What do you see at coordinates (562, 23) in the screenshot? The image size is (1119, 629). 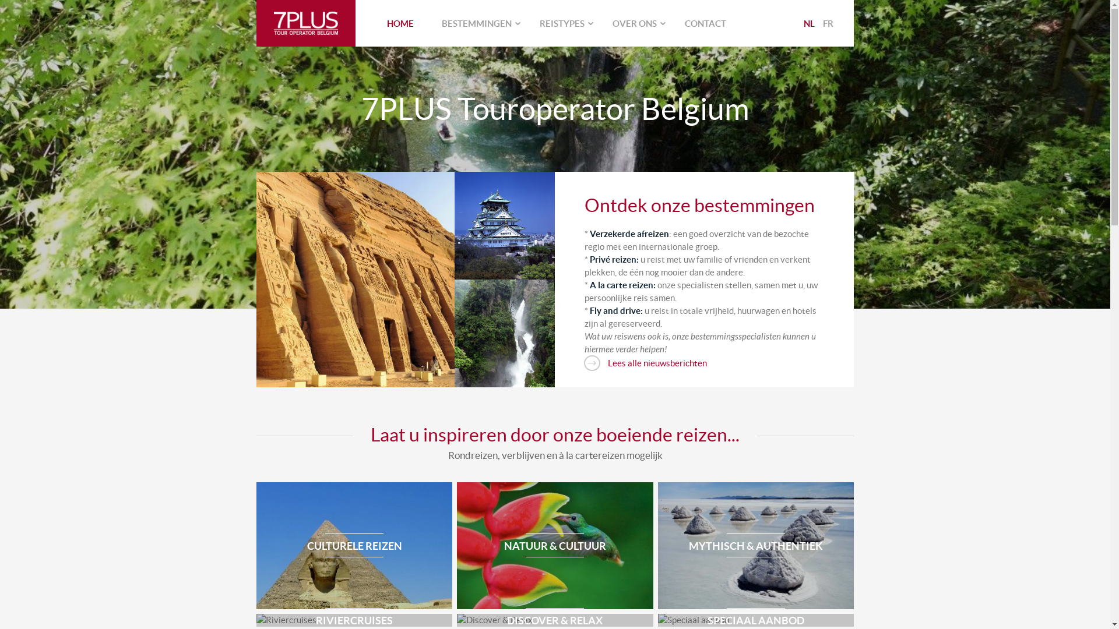 I see `'REISTYPES'` at bounding box center [562, 23].